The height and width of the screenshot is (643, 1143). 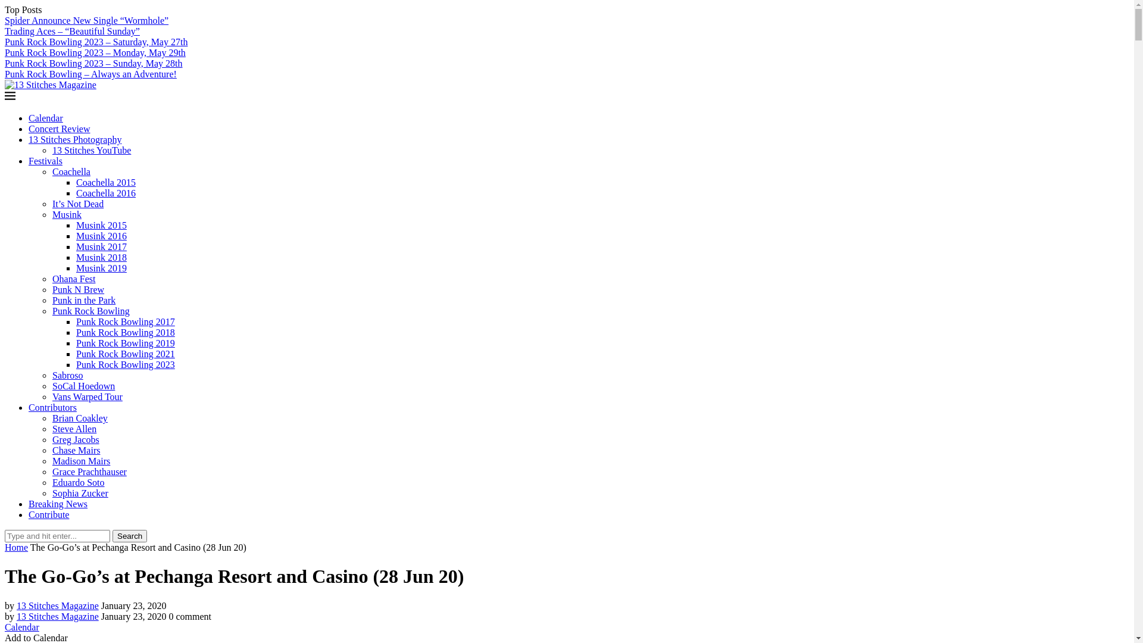 What do you see at coordinates (76, 332) in the screenshot?
I see `'Punk Rock Bowling 2018'` at bounding box center [76, 332].